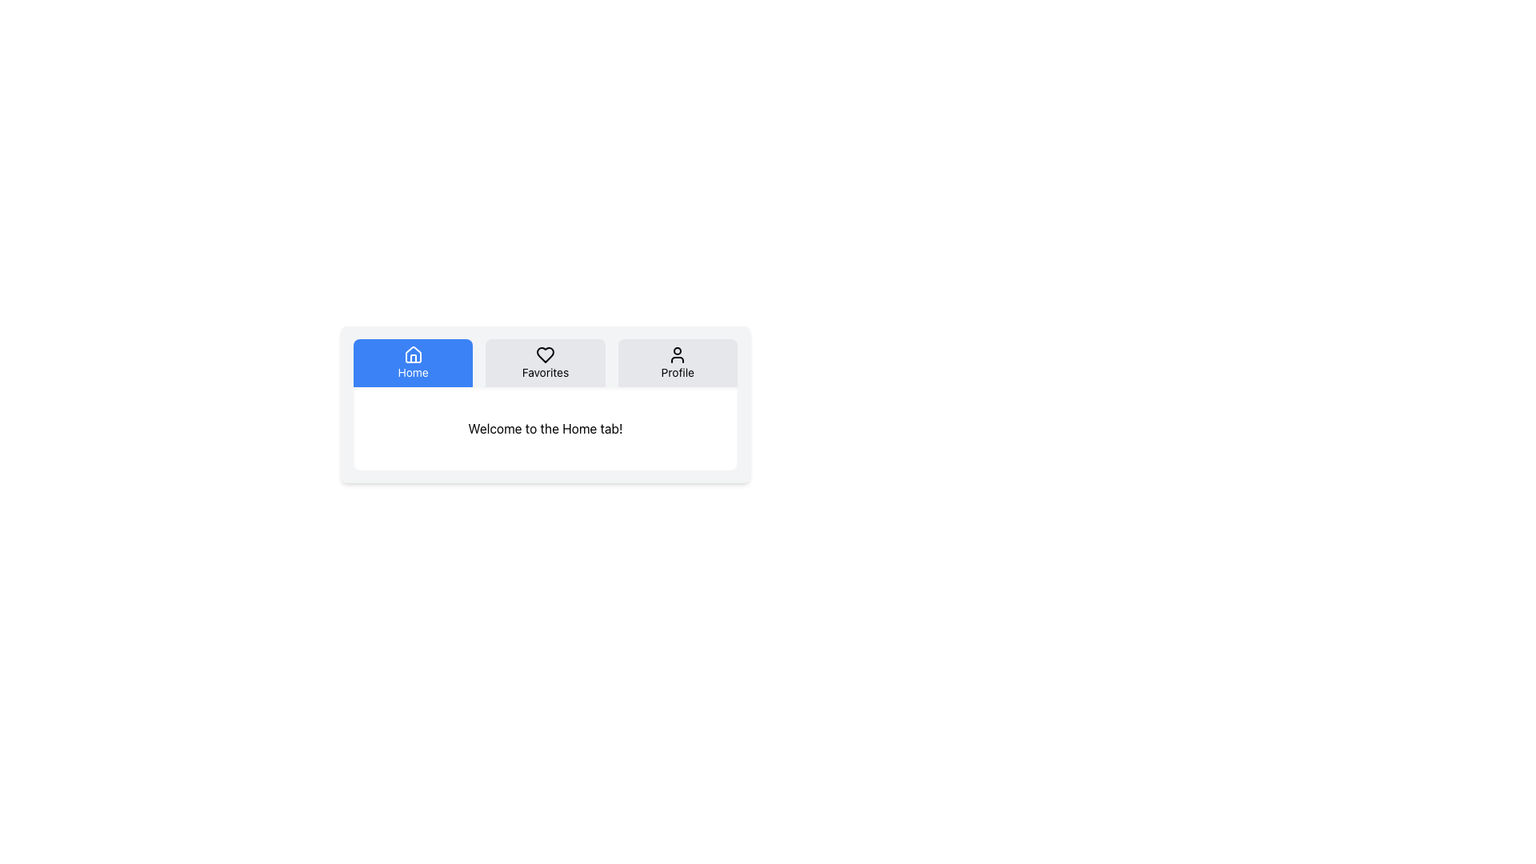 This screenshot has height=864, width=1536. Describe the element at coordinates (545, 354) in the screenshot. I see `the heart-shaped icon in the middle of the navigation bar` at that location.